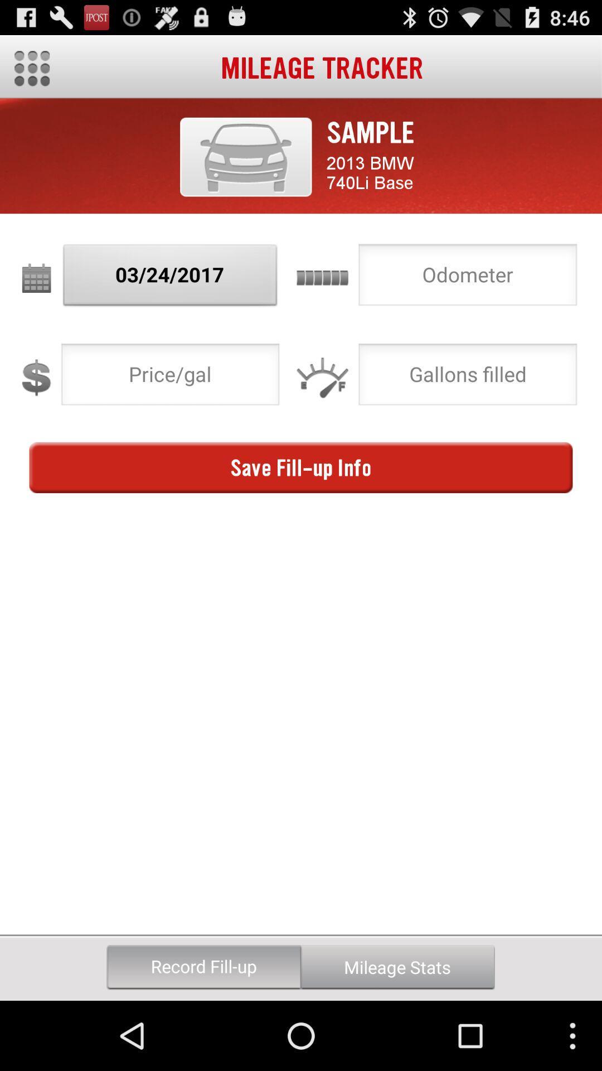 The height and width of the screenshot is (1071, 602). Describe the element at coordinates (397, 967) in the screenshot. I see `button next to the record fill-up button` at that location.